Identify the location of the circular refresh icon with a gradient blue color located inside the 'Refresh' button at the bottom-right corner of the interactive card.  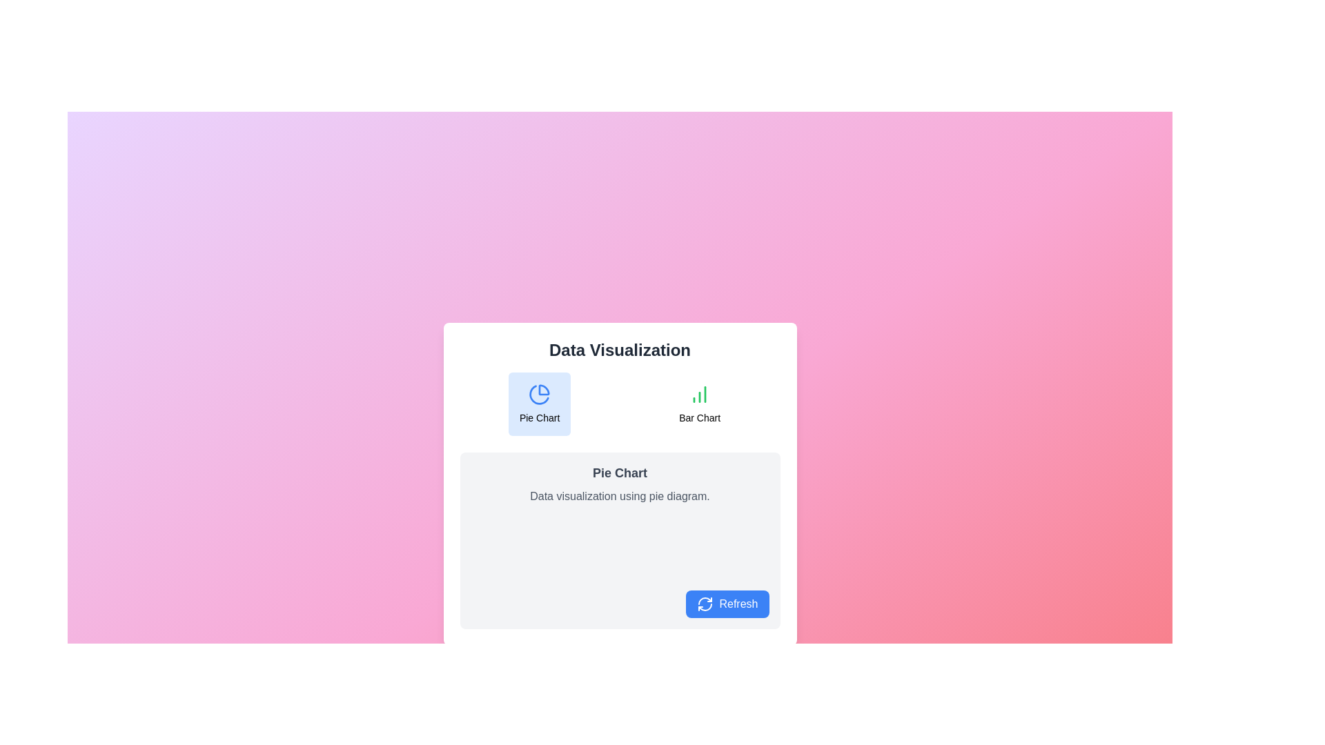
(705, 603).